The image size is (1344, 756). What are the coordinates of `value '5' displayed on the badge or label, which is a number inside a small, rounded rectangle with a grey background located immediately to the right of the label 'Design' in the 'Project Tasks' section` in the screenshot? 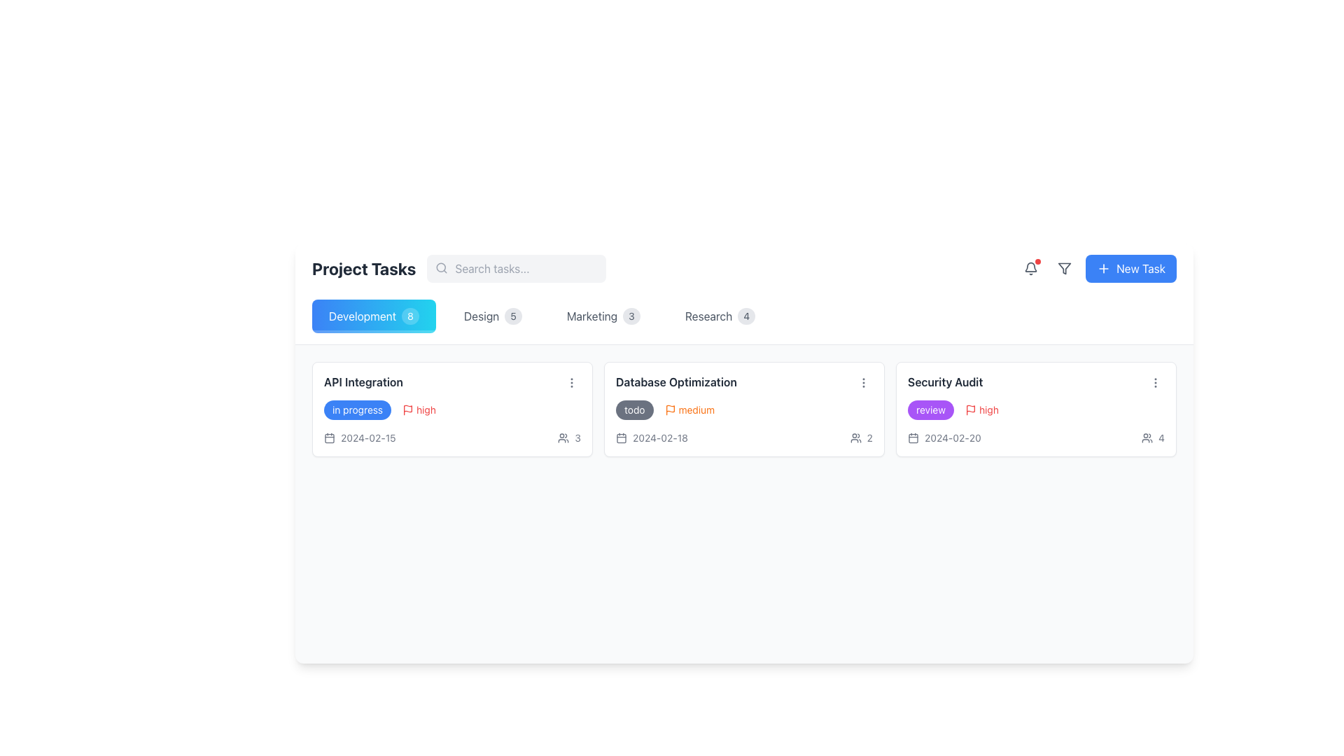 It's located at (512, 316).